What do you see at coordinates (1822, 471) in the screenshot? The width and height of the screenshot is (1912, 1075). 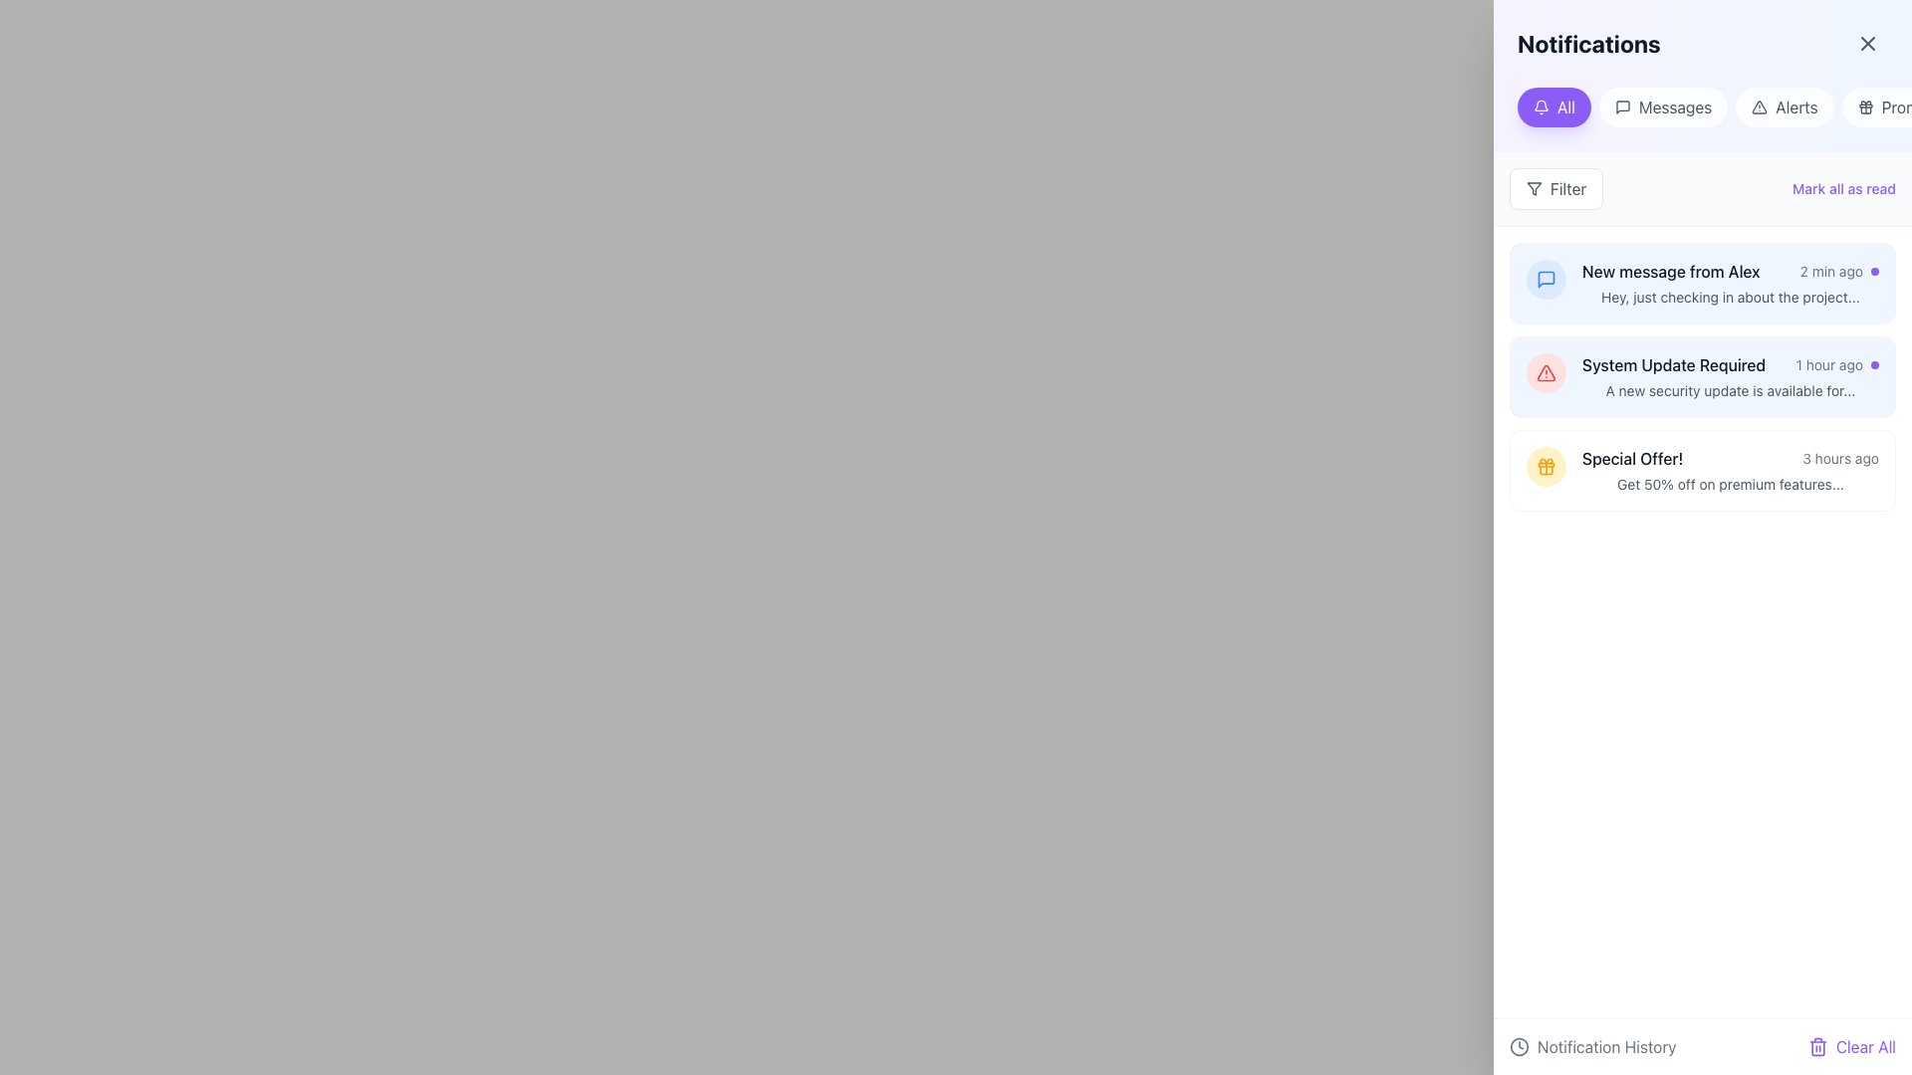 I see `the Interactive icon located in the bottom-right corner of the 'Special Offer!' notification banner to pin the notification for easier access later` at bounding box center [1822, 471].